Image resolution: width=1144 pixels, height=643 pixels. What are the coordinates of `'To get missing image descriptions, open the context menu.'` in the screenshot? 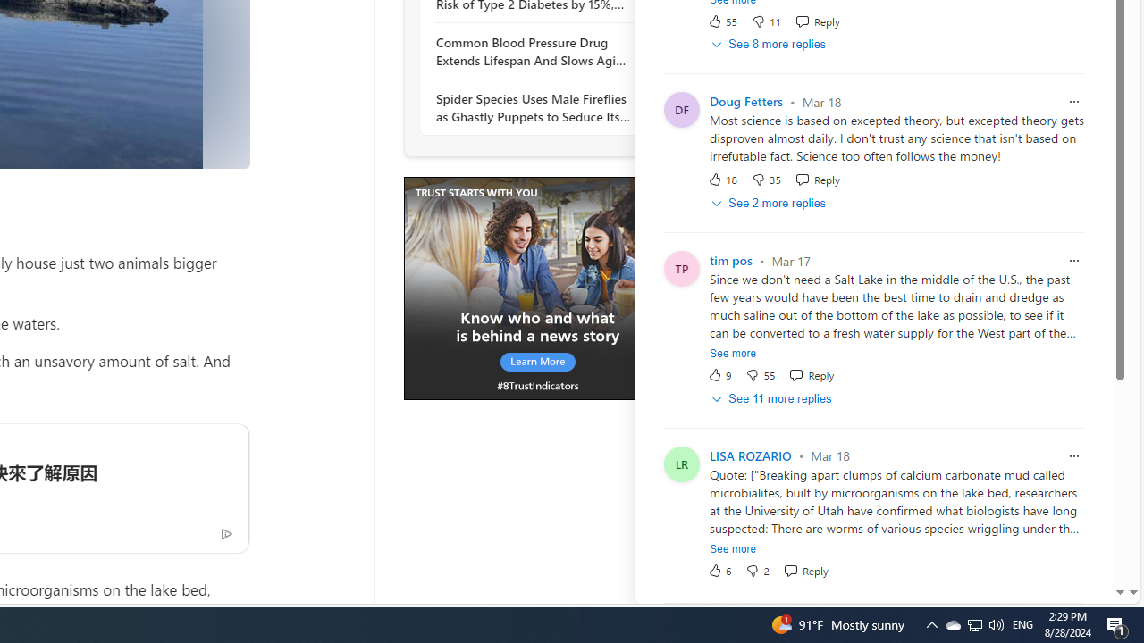 It's located at (536, 287).